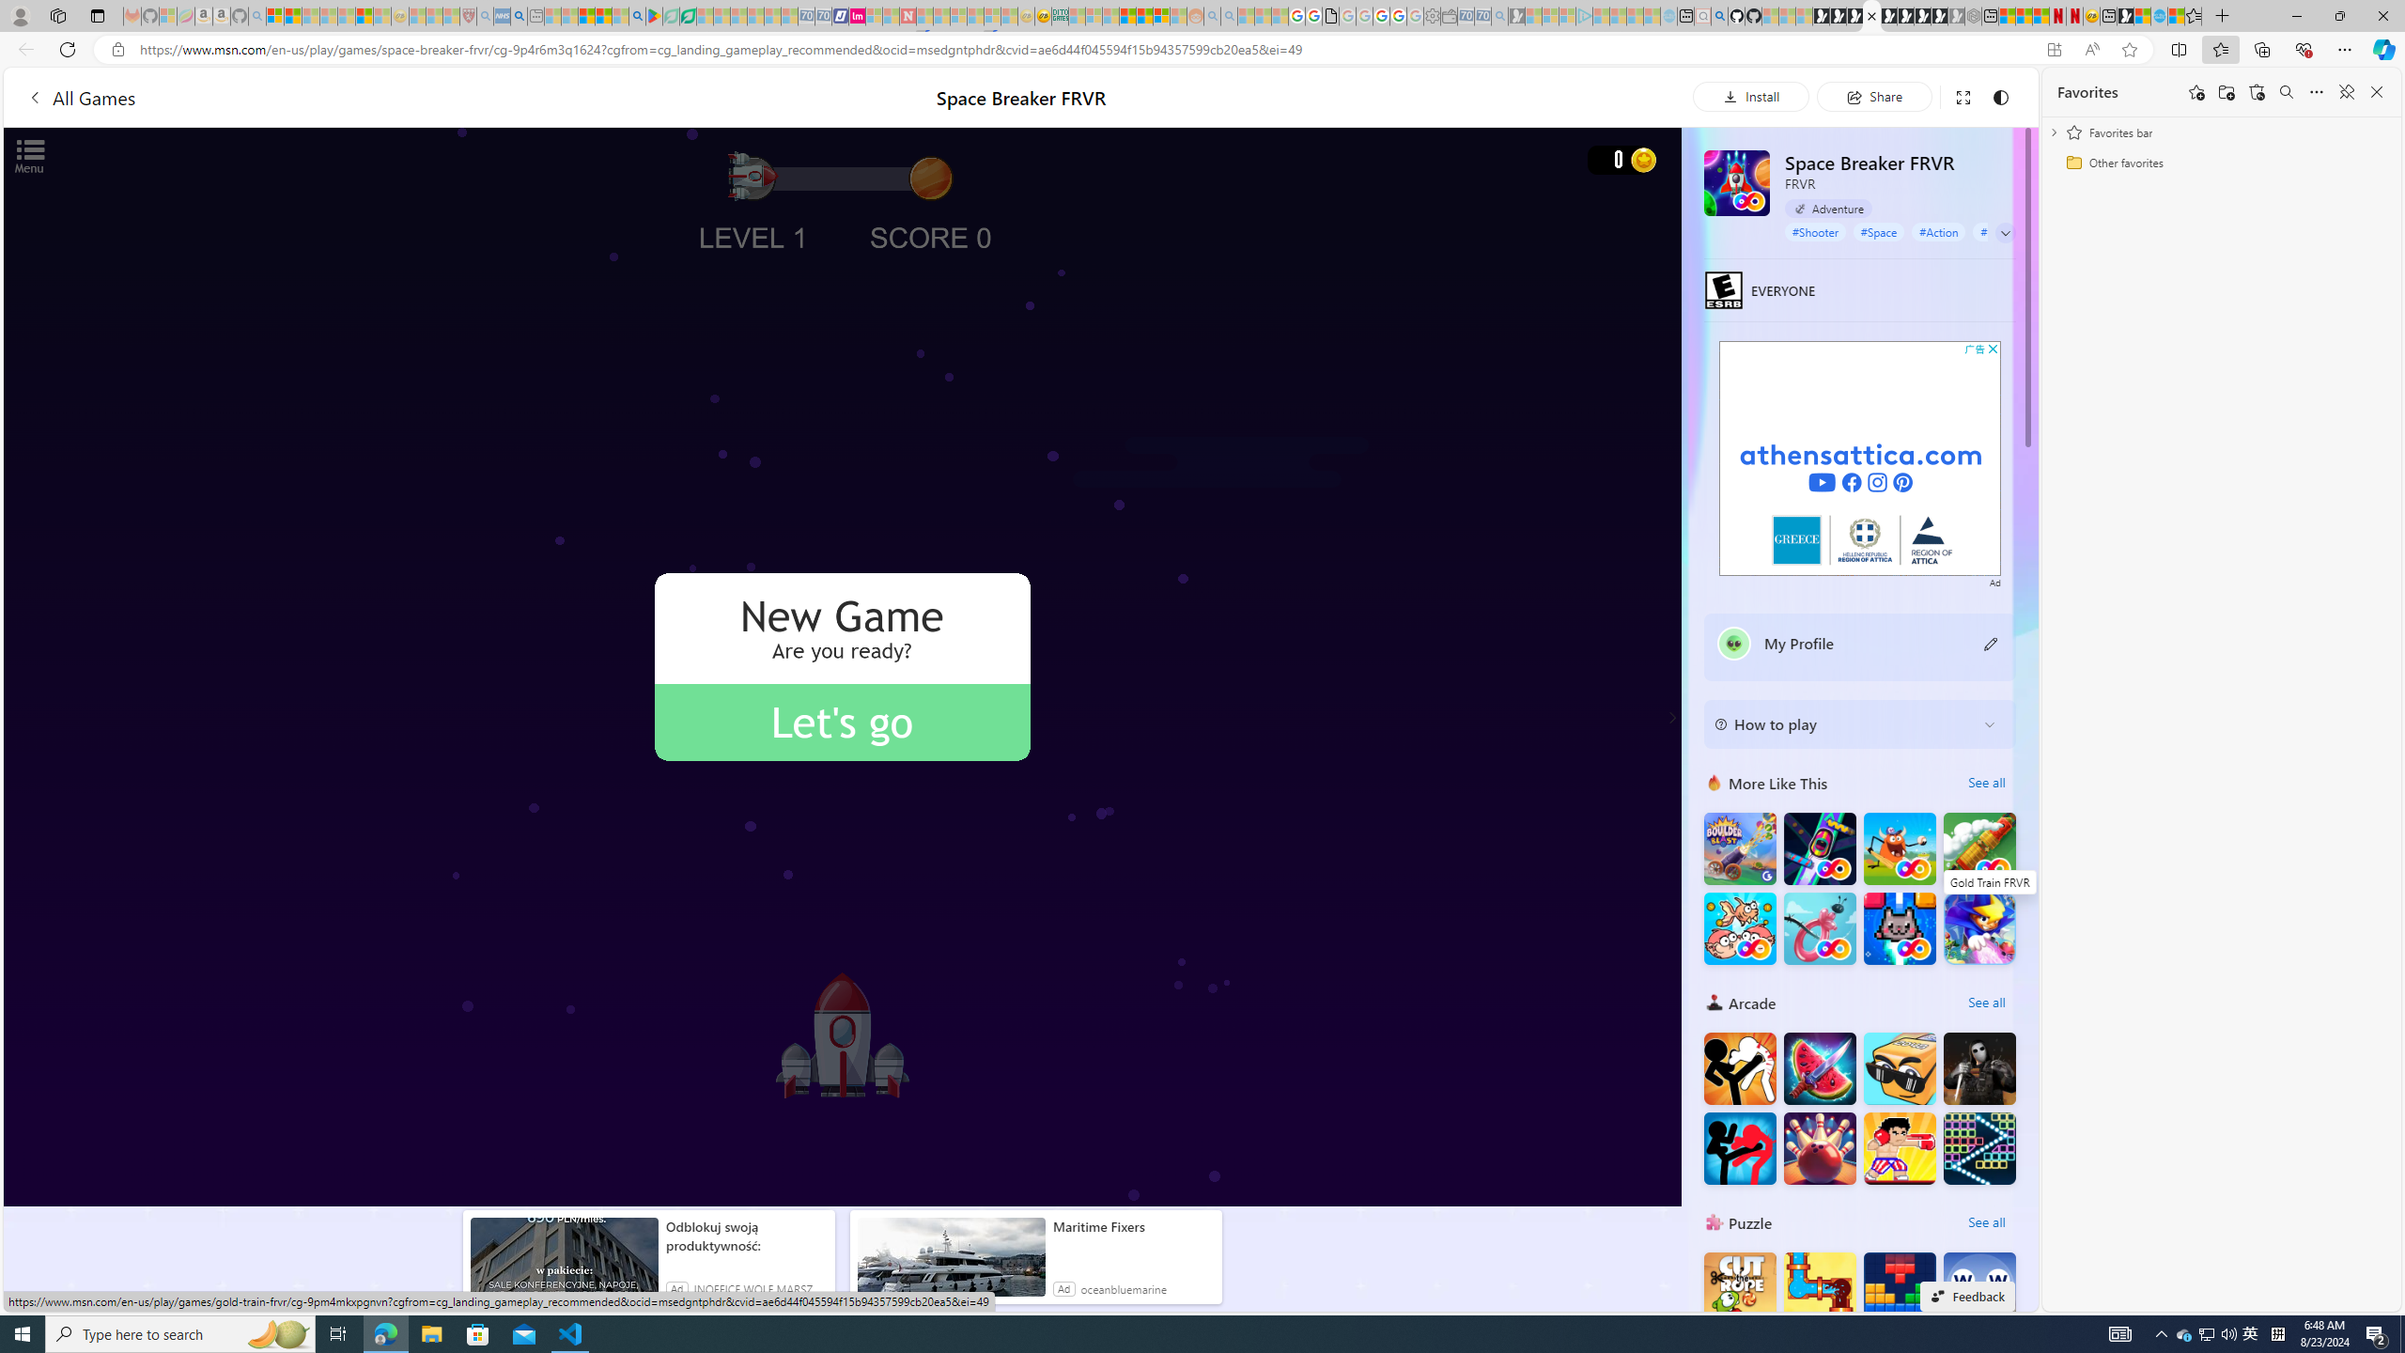  I want to click on 'Terms of Use Agreement - Sleeping', so click(670, 15).